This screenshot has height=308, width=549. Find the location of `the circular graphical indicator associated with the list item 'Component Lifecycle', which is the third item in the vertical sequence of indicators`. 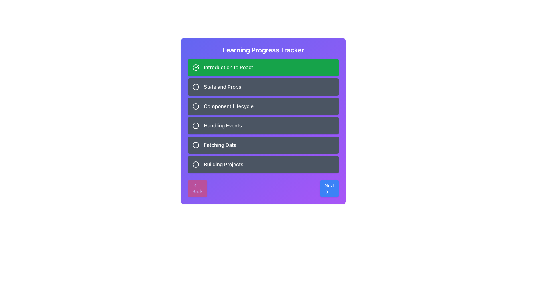

the circular graphical indicator associated with the list item 'Component Lifecycle', which is the third item in the vertical sequence of indicators is located at coordinates (196, 106).